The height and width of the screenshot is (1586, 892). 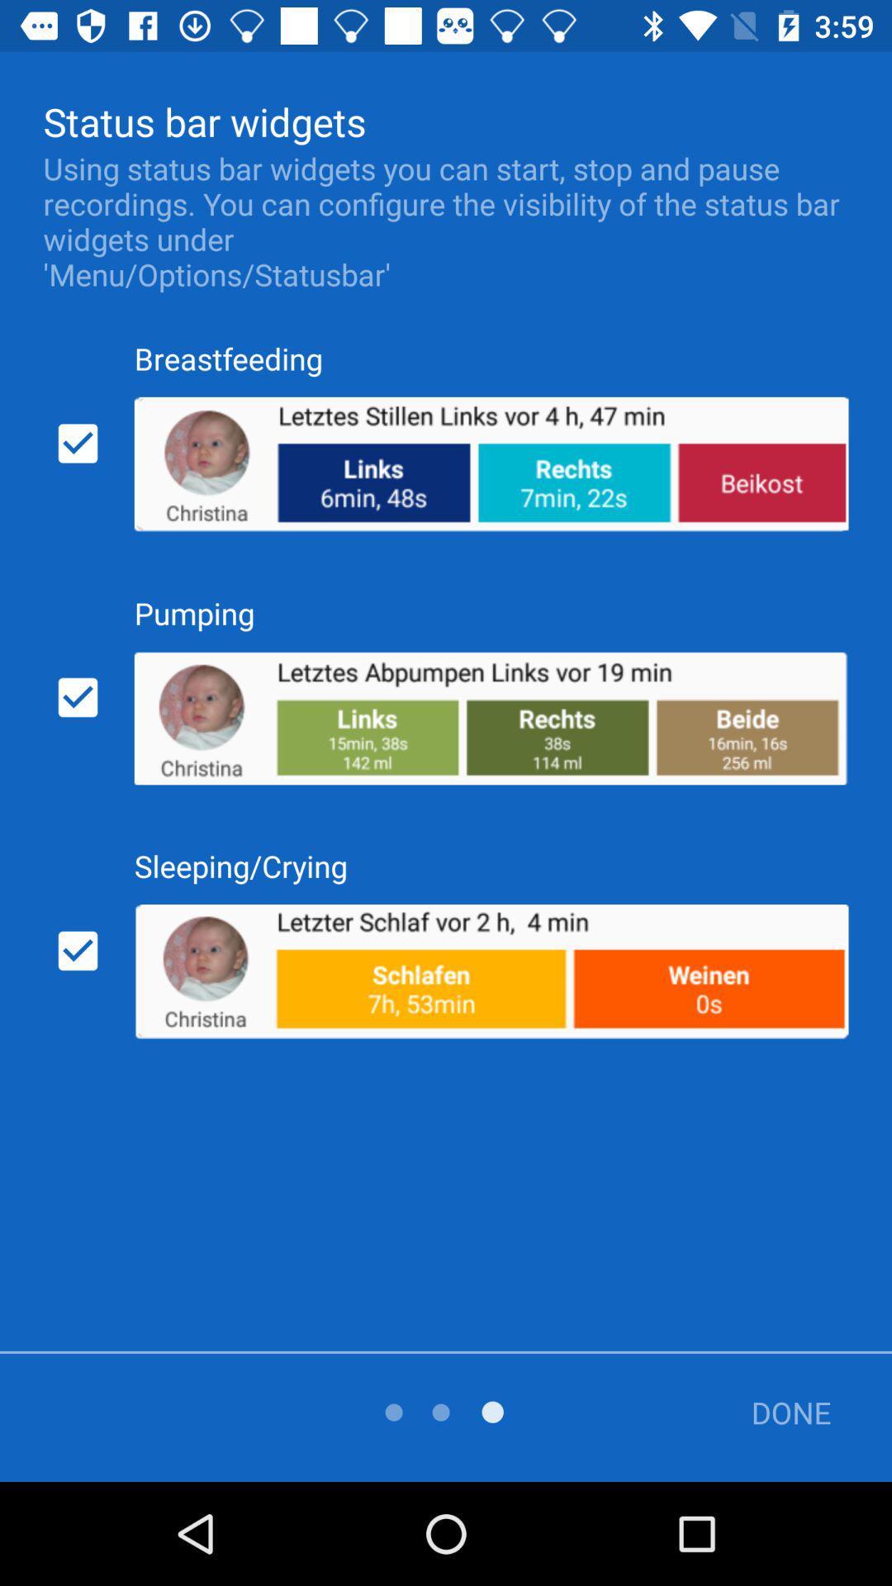 I want to click on done at the bottom right corner, so click(x=779, y=1411).